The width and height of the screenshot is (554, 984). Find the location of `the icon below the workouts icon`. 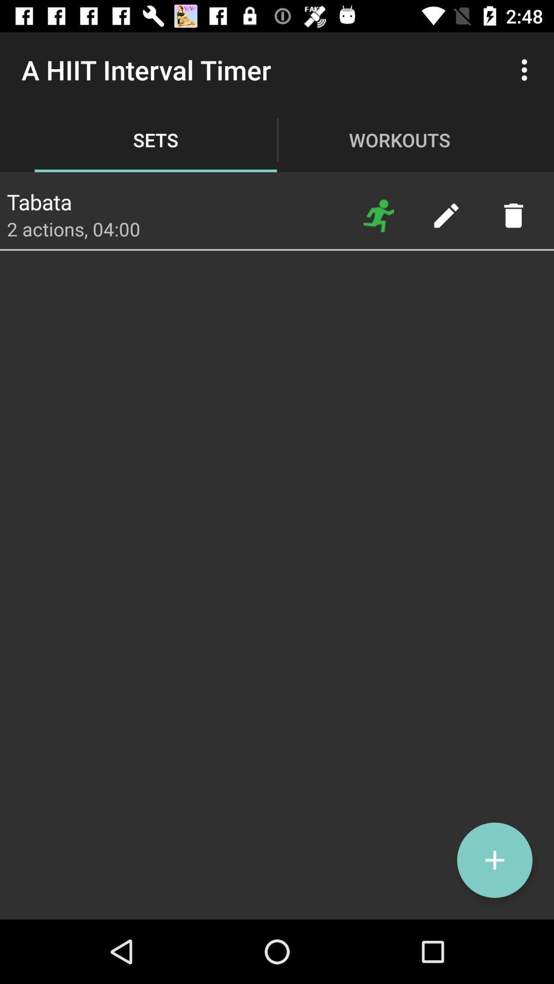

the icon below the workouts icon is located at coordinates (379, 215).